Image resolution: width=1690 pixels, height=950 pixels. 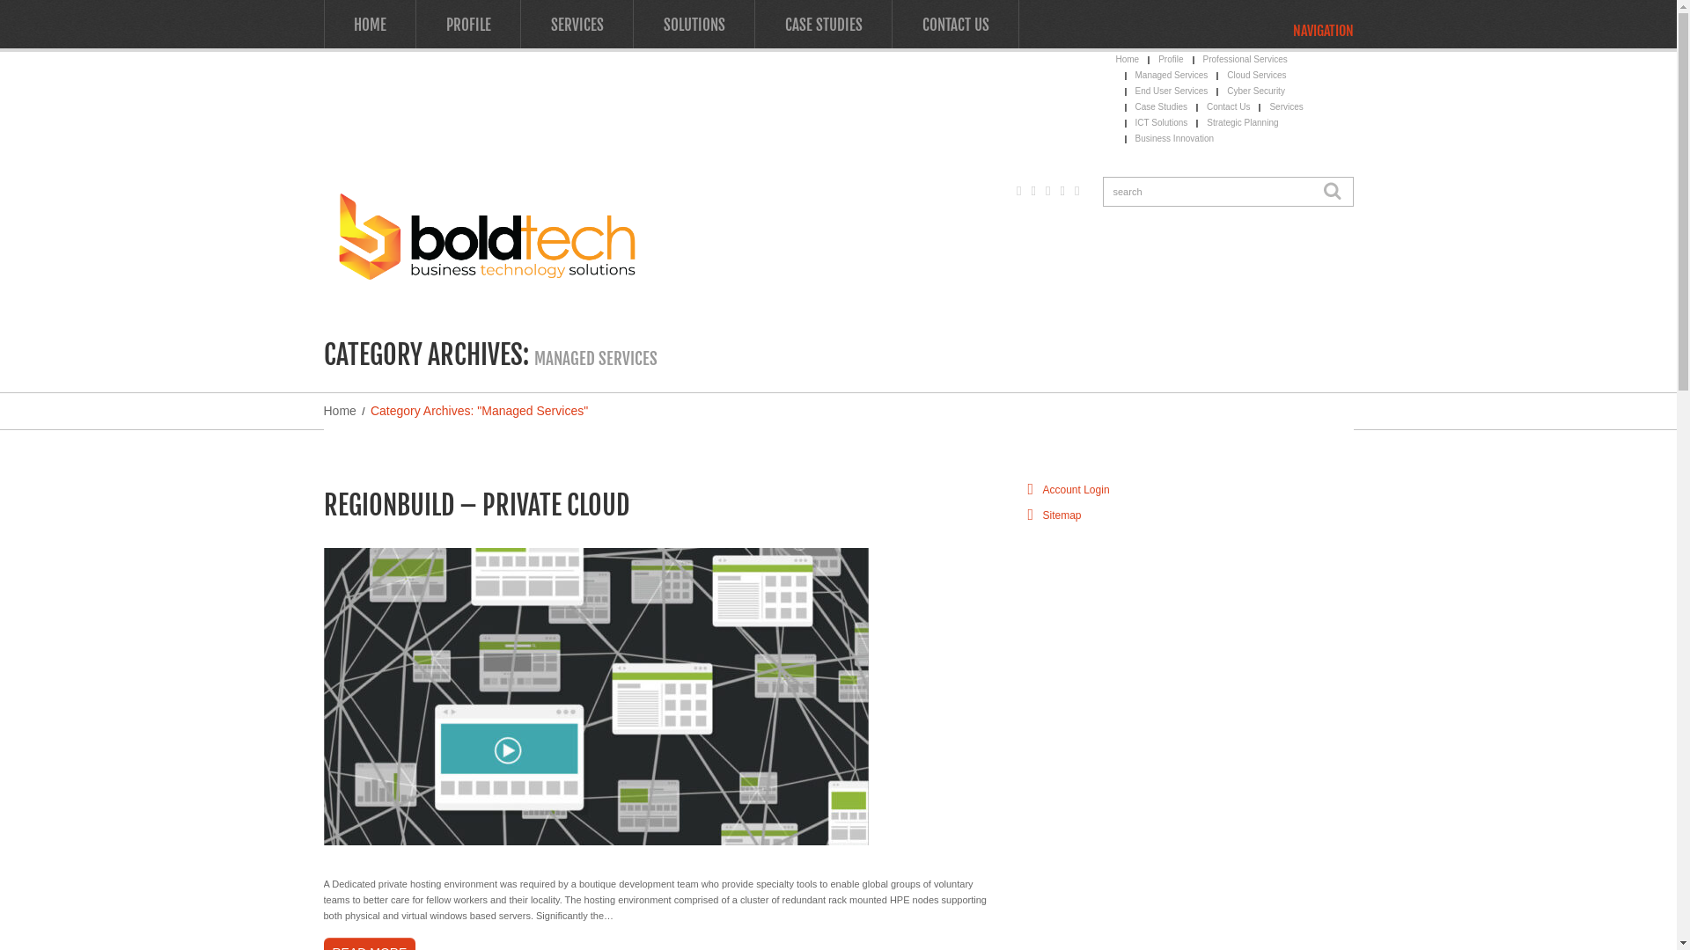 I want to click on 'twitter', so click(x=1033, y=190).